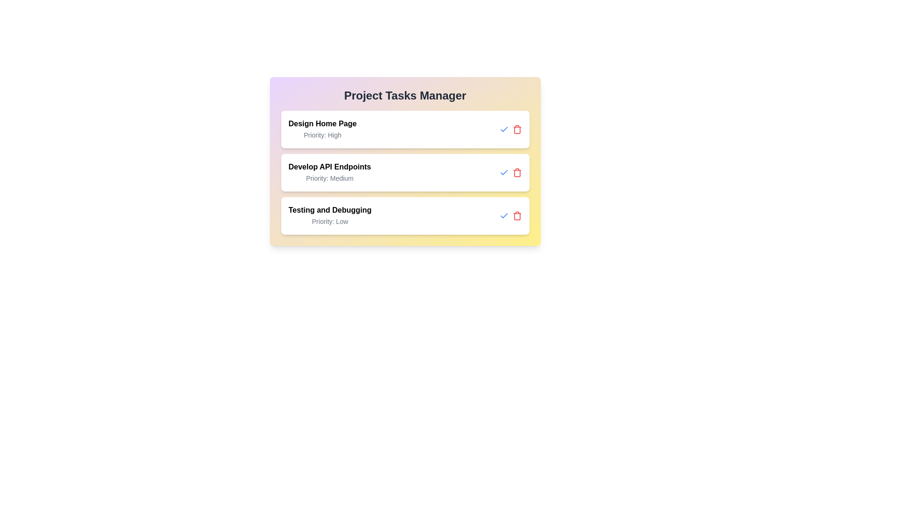 The image size is (903, 507). What do you see at coordinates (516, 215) in the screenshot?
I see `the delete button for the task titled 'Testing and Debugging'` at bounding box center [516, 215].